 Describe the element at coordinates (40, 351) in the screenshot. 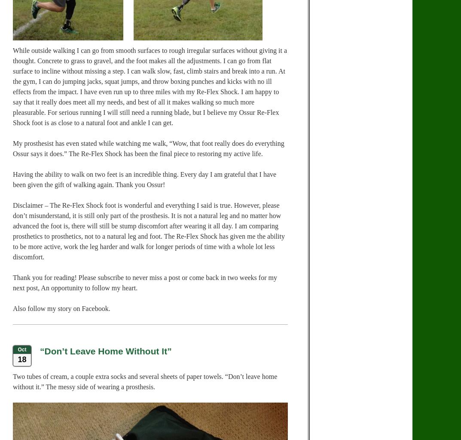

I see `'“Don’t Leave Home Without It”'` at that location.